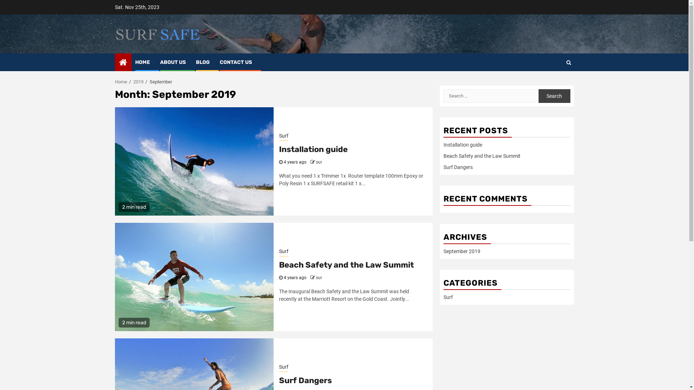 Image resolution: width=694 pixels, height=390 pixels. What do you see at coordinates (236, 62) in the screenshot?
I see `'CONTACT US'` at bounding box center [236, 62].